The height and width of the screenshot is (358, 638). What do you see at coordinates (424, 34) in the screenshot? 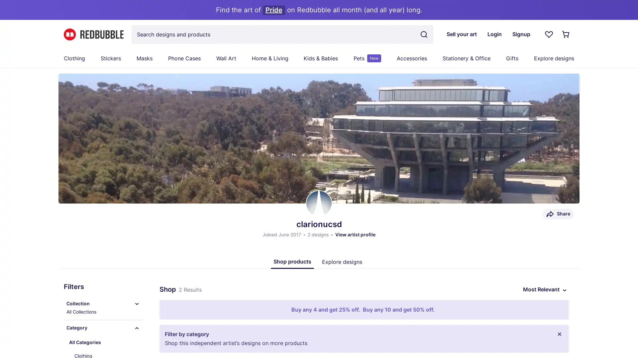
I see `Search term` at bounding box center [424, 34].